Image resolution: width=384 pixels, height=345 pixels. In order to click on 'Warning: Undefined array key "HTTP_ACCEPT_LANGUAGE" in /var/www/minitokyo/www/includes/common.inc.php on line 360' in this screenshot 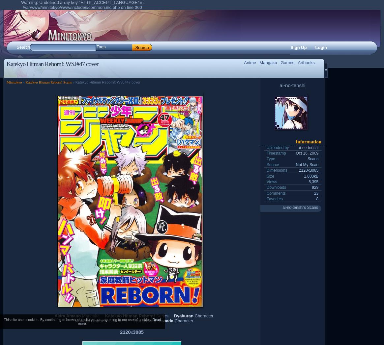, I will do `click(82, 5)`.